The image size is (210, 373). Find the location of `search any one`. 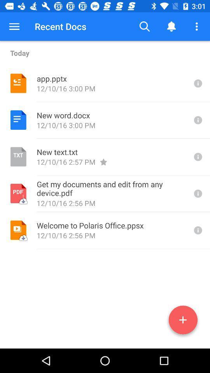

search any one is located at coordinates (197, 193).